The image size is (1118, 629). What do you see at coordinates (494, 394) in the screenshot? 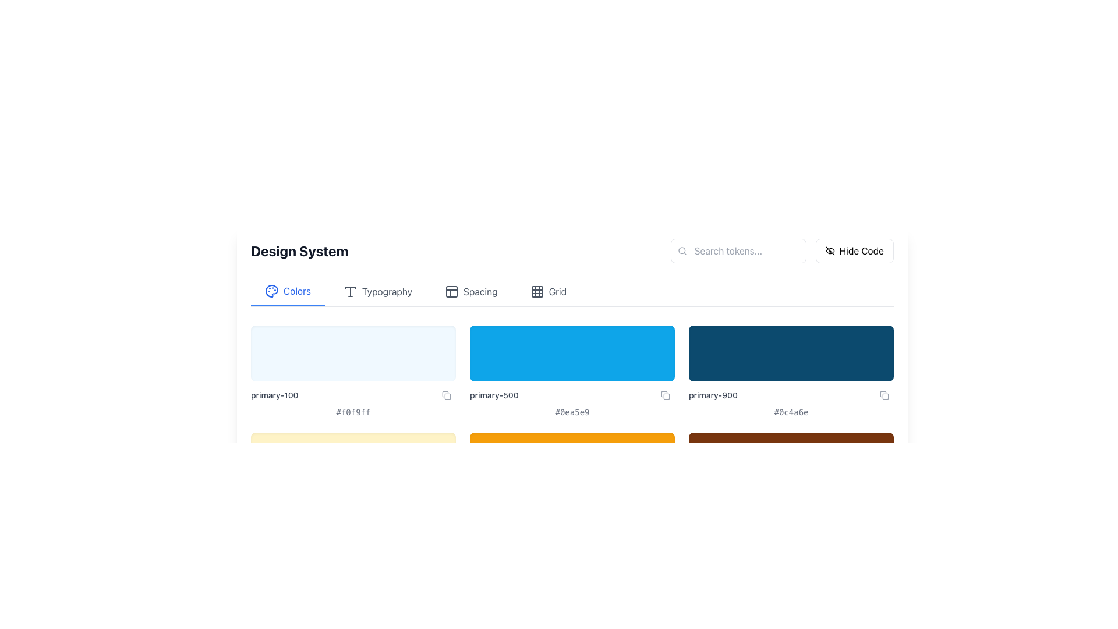
I see `the text label 'primary-500' that describes the color variant in the Design System section, located beside a bright blue box and to the left of an interactive copy button` at bounding box center [494, 394].